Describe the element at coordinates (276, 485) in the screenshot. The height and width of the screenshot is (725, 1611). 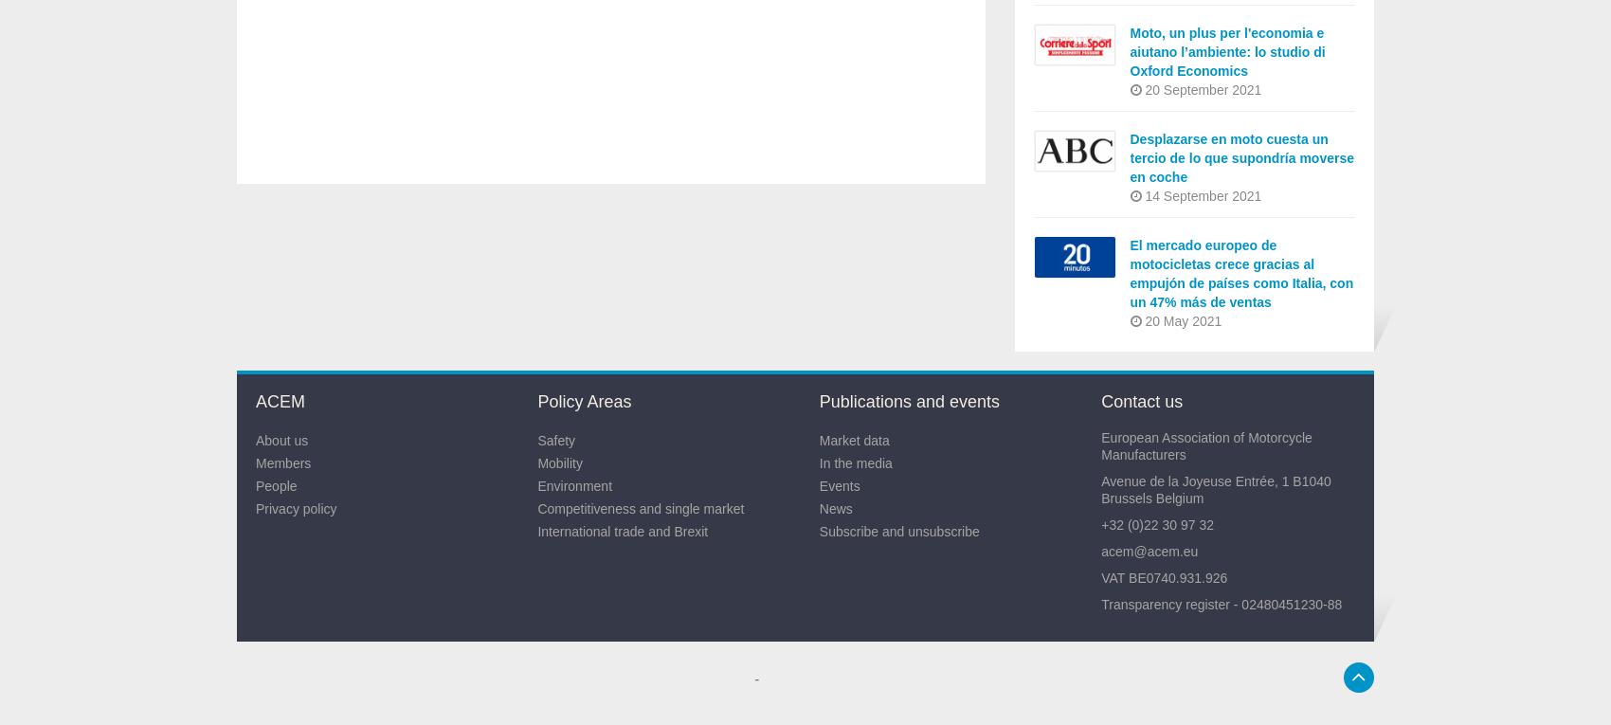
I see `'People'` at that location.